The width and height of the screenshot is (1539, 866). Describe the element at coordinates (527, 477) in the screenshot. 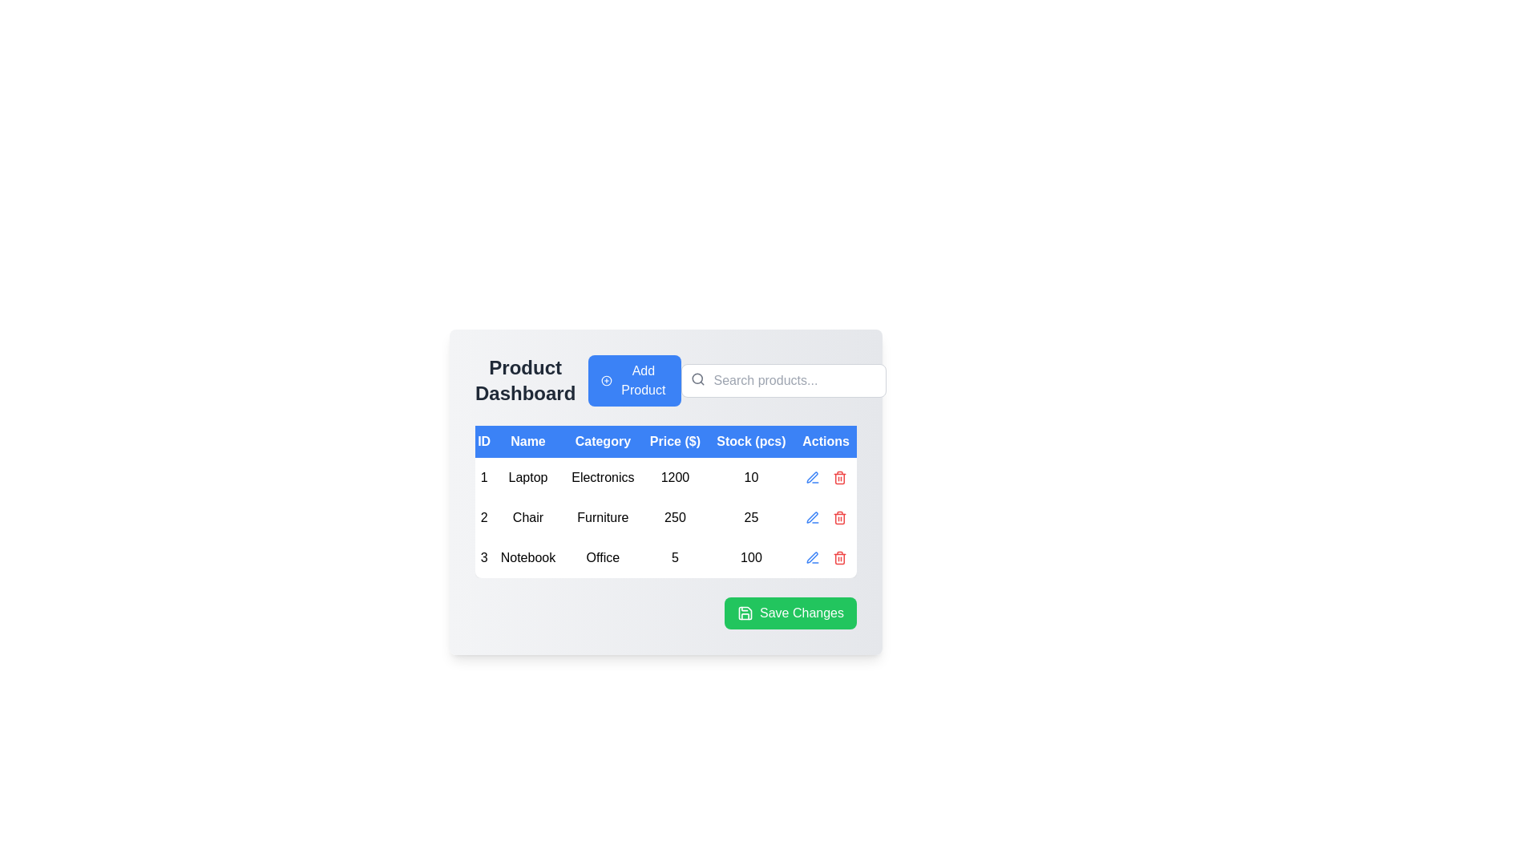

I see `the static text label representing the name of the product in the first row, second column of the table under the 'Name' heading` at that location.